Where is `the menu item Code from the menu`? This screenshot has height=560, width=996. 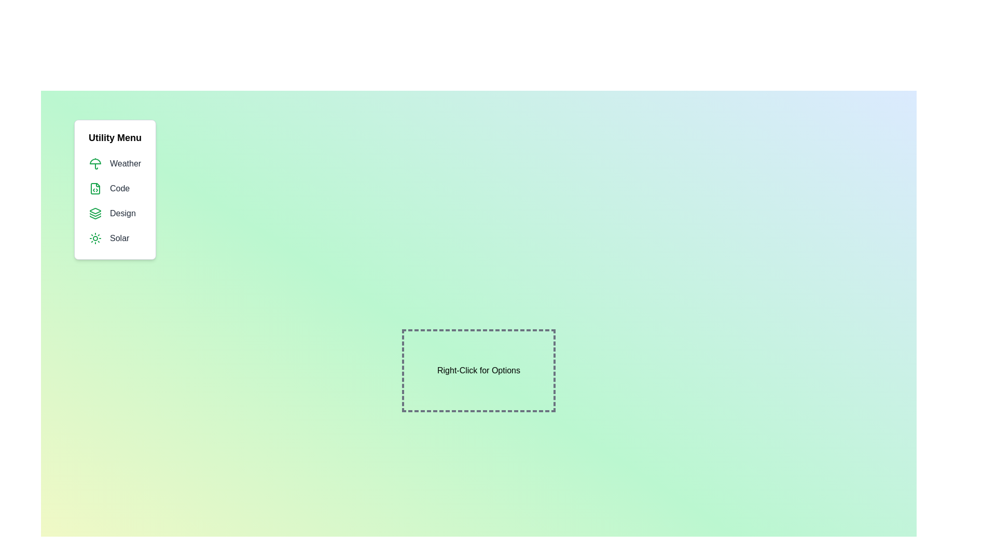
the menu item Code from the menu is located at coordinates (115, 188).